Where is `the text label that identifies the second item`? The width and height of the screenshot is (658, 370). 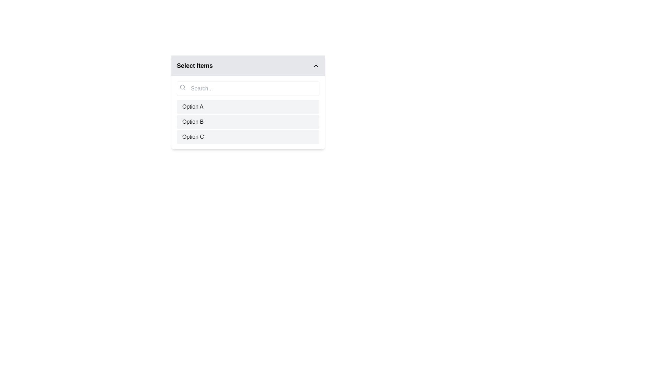 the text label that identifies the second item is located at coordinates (193, 121).